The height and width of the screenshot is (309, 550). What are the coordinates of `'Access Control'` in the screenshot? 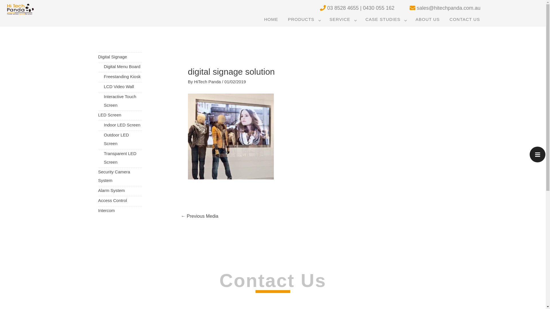 It's located at (98, 200).